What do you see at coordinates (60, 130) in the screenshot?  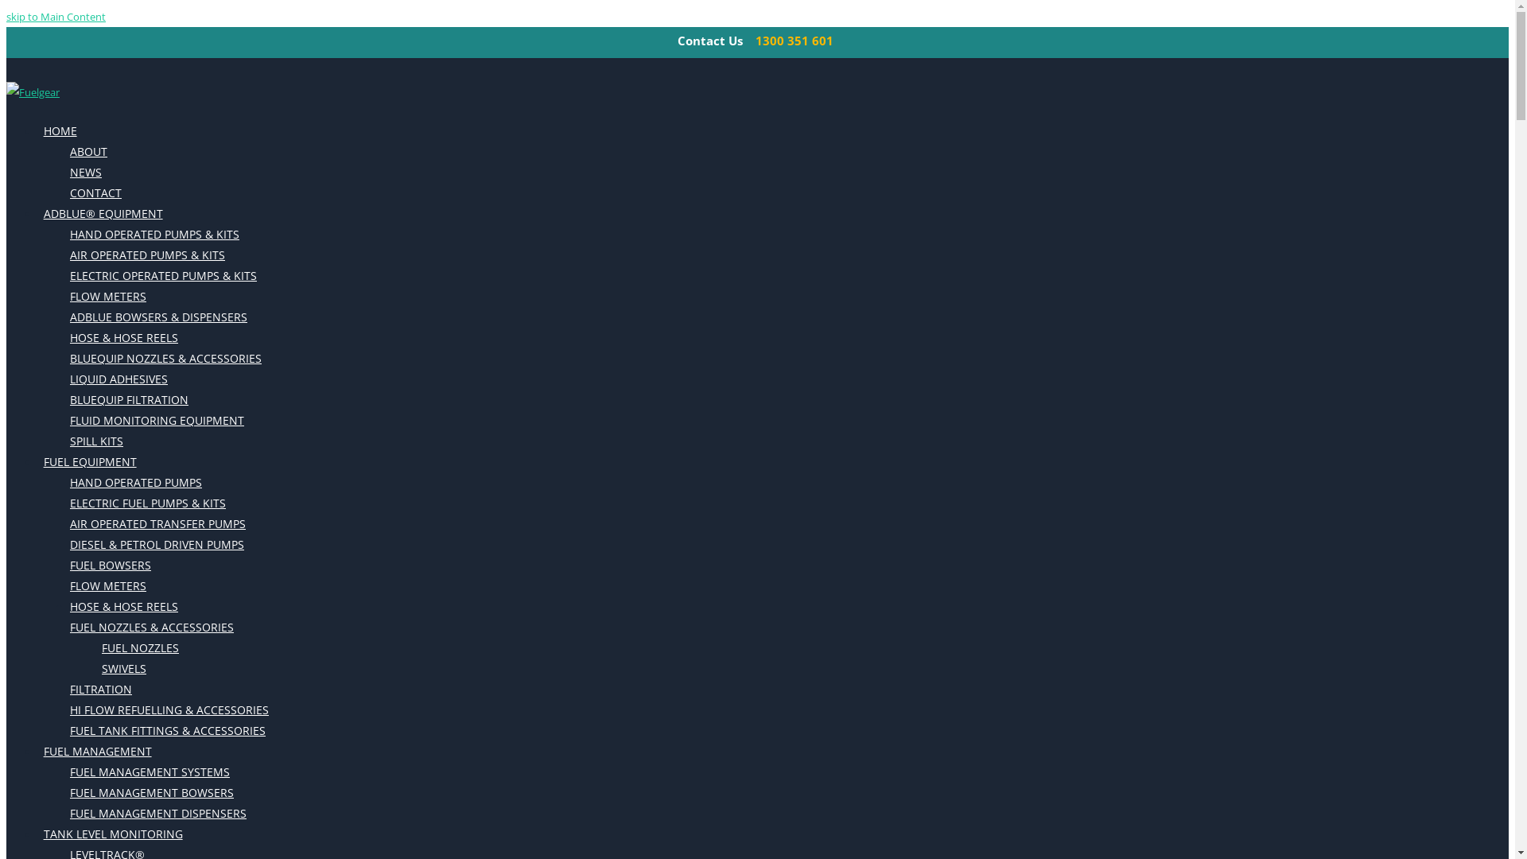 I see `'HOME'` at bounding box center [60, 130].